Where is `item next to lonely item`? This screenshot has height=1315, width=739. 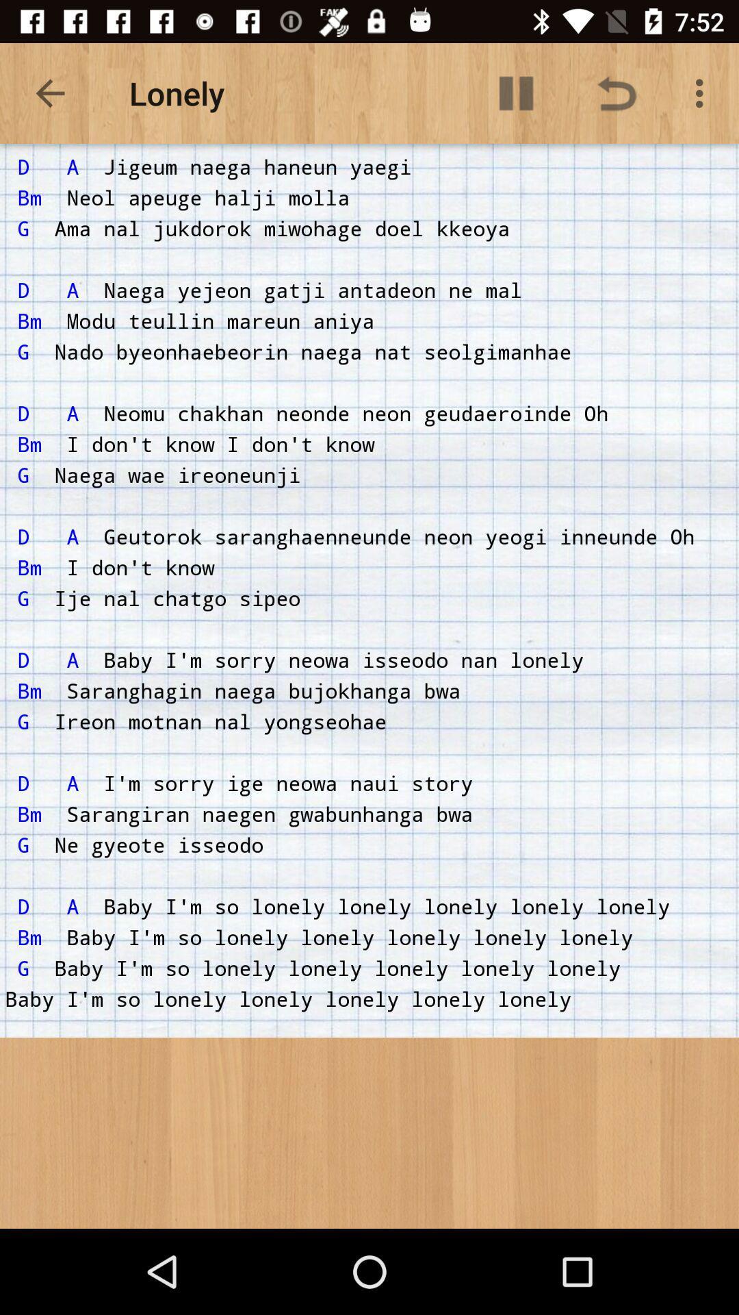 item next to lonely item is located at coordinates (49, 92).